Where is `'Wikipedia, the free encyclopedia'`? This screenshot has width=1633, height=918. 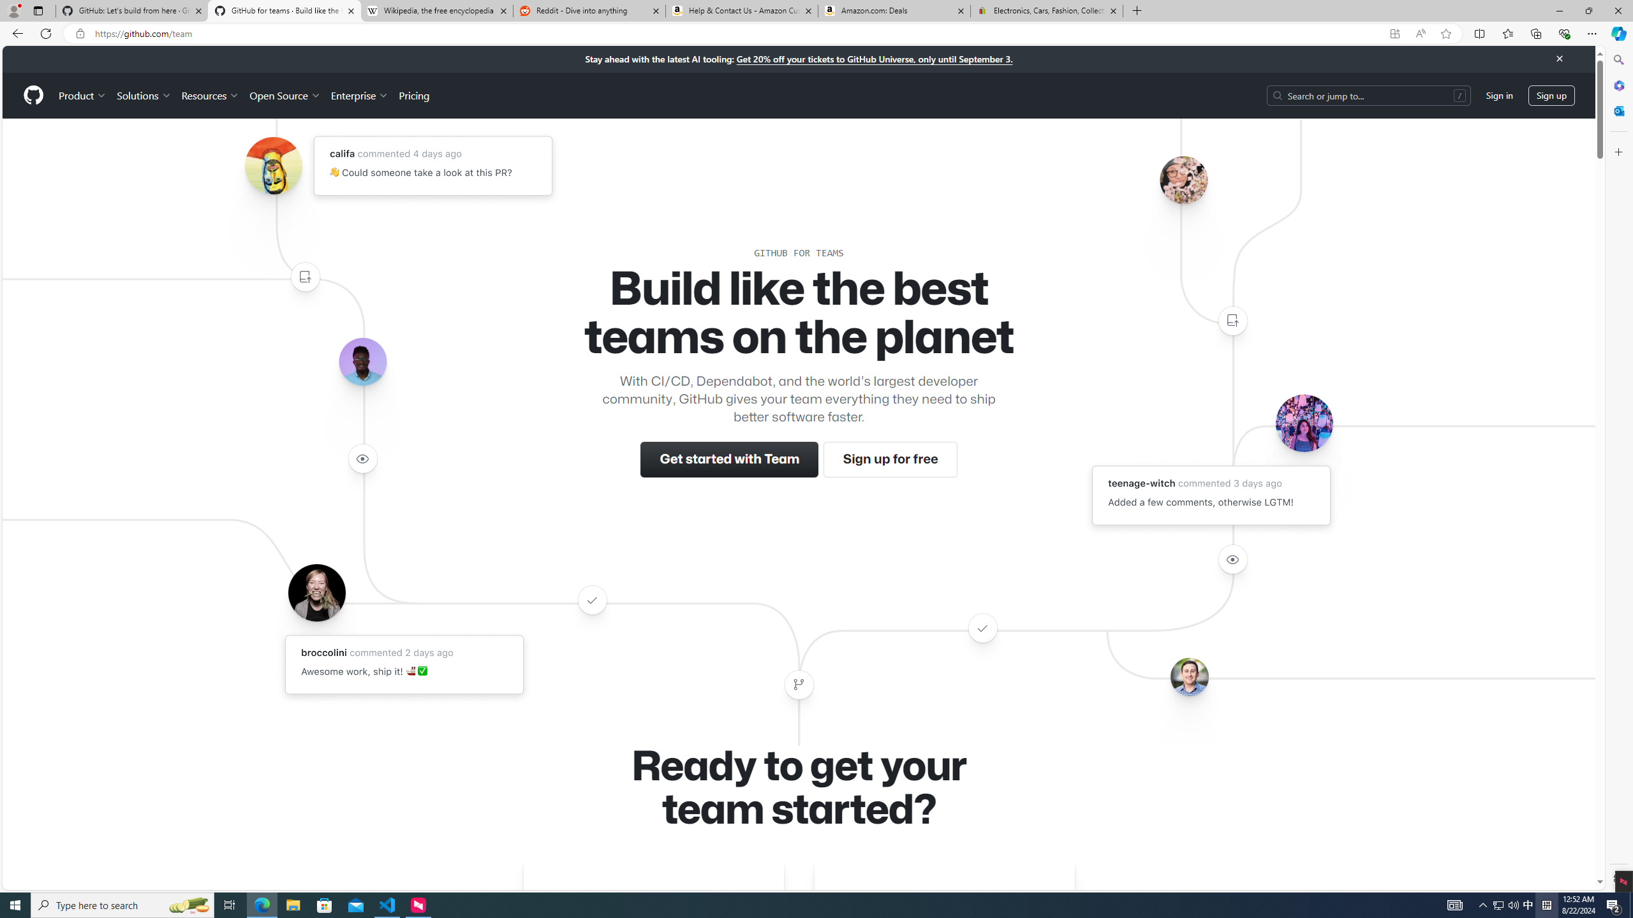 'Wikipedia, the free encyclopedia' is located at coordinates (437, 10).